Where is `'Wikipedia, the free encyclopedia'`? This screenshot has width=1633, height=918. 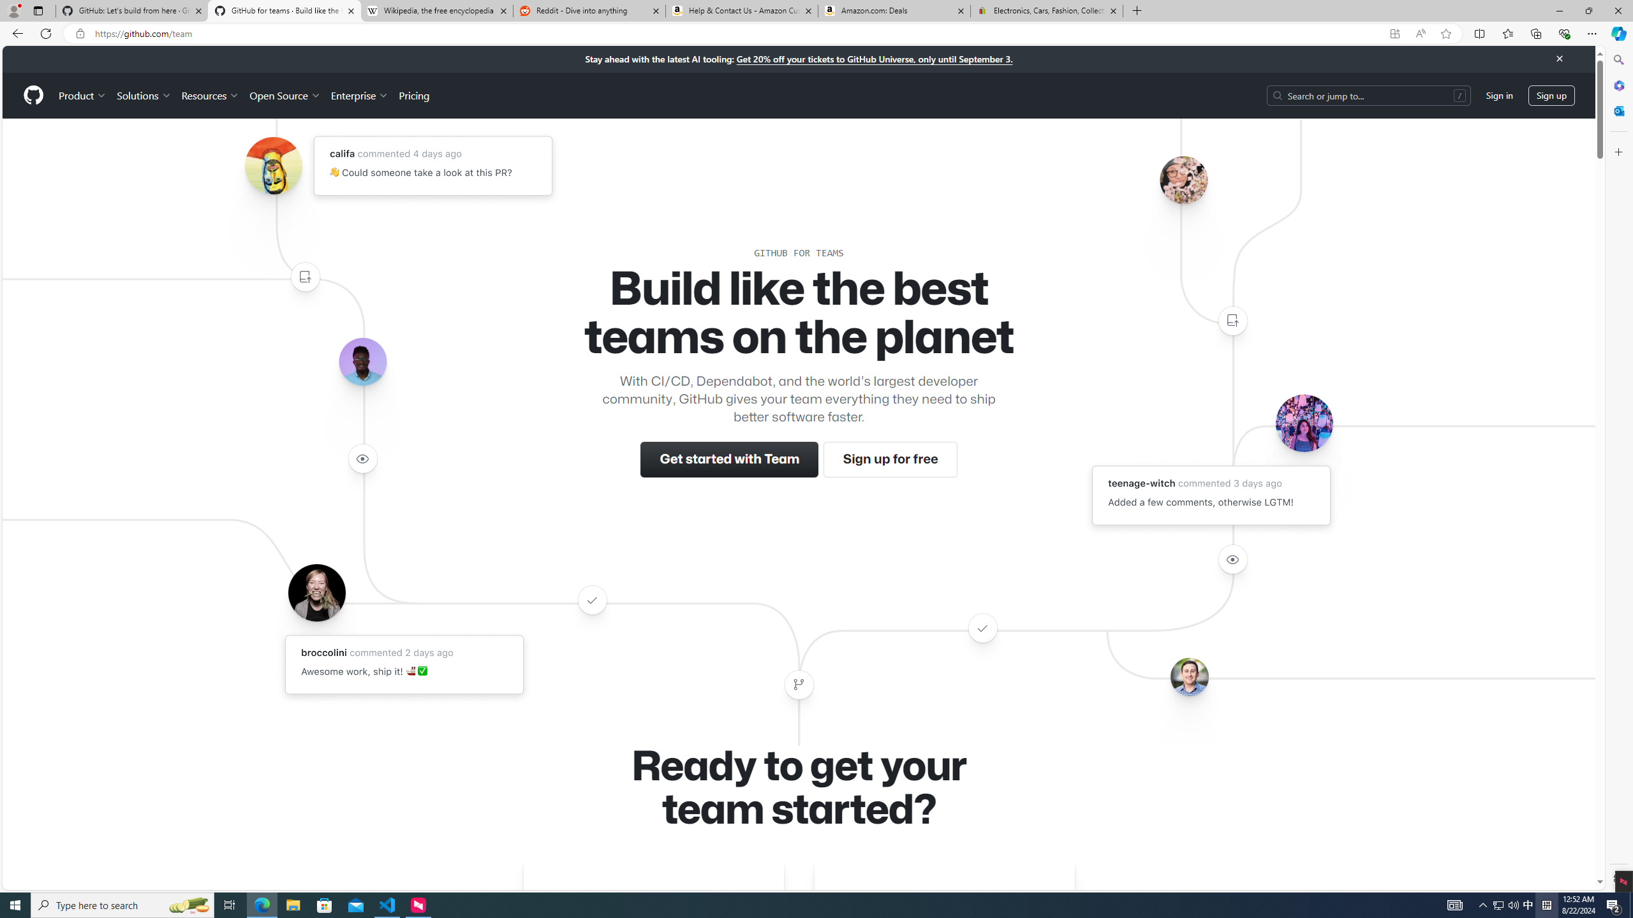 'Wikipedia, the free encyclopedia' is located at coordinates (437, 10).